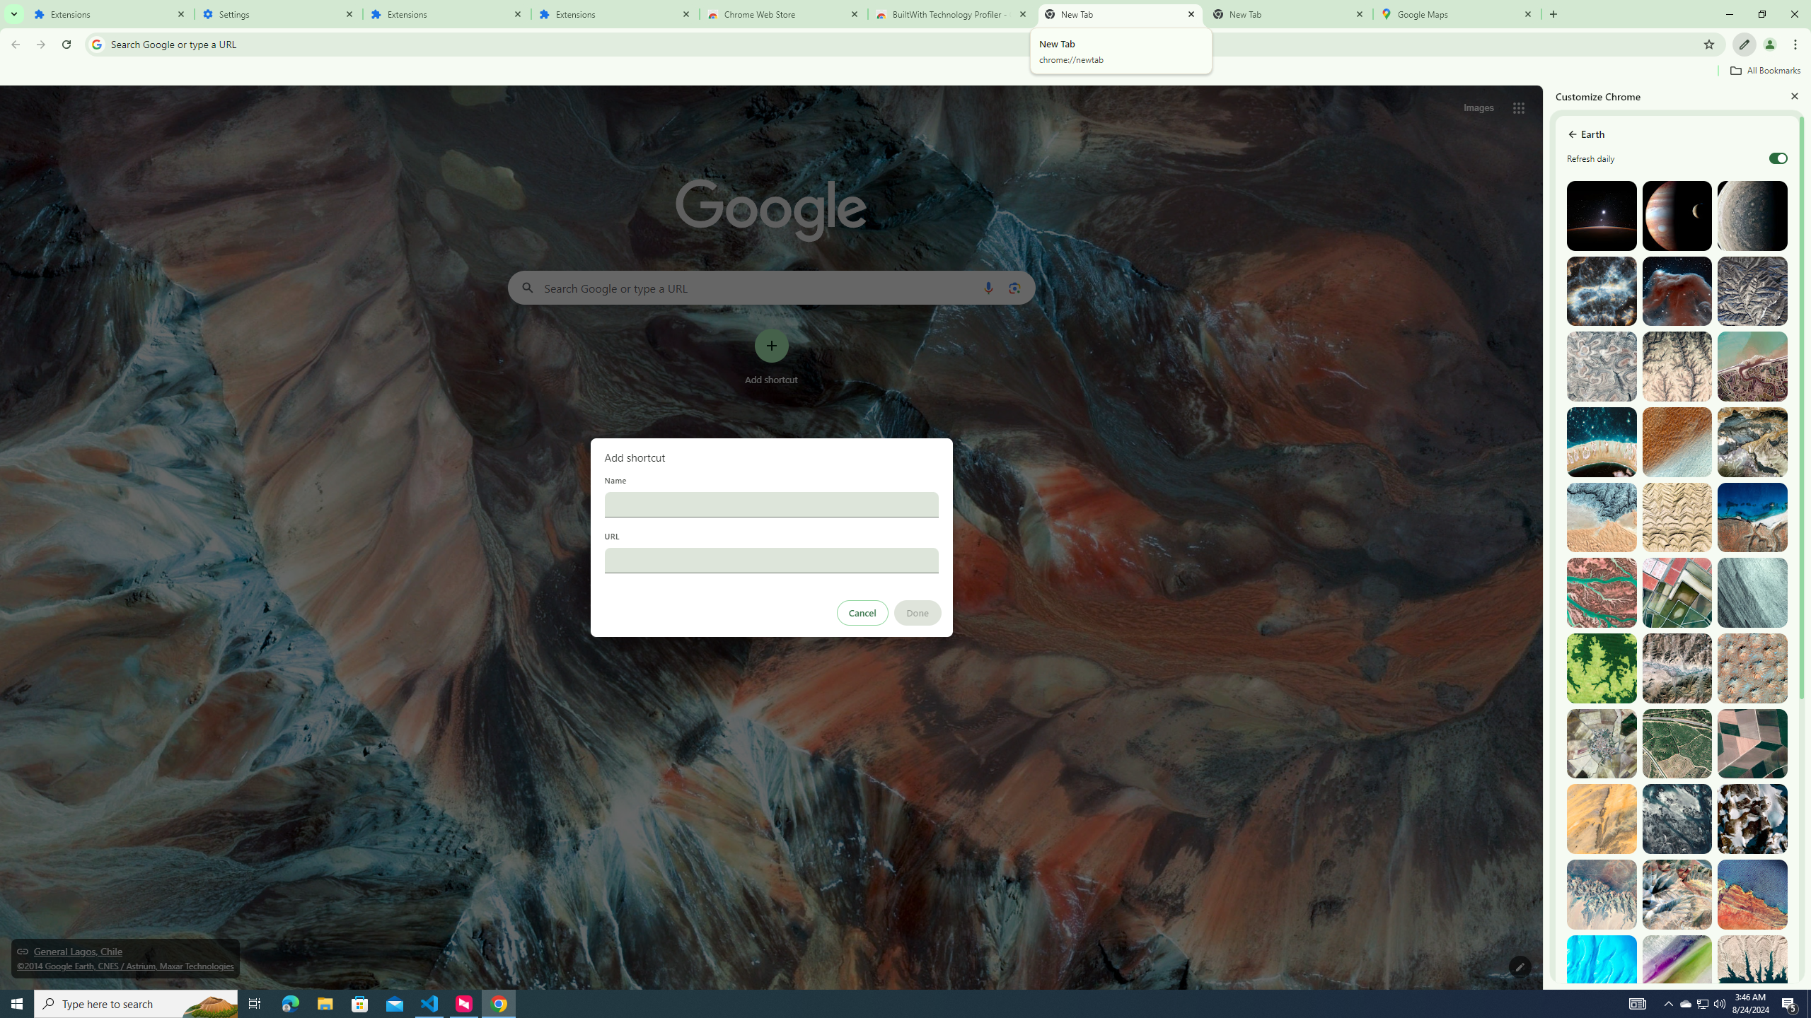 Image resolution: width=1811 pixels, height=1018 pixels. Describe the element at coordinates (279, 13) in the screenshot. I see `'Settings'` at that location.